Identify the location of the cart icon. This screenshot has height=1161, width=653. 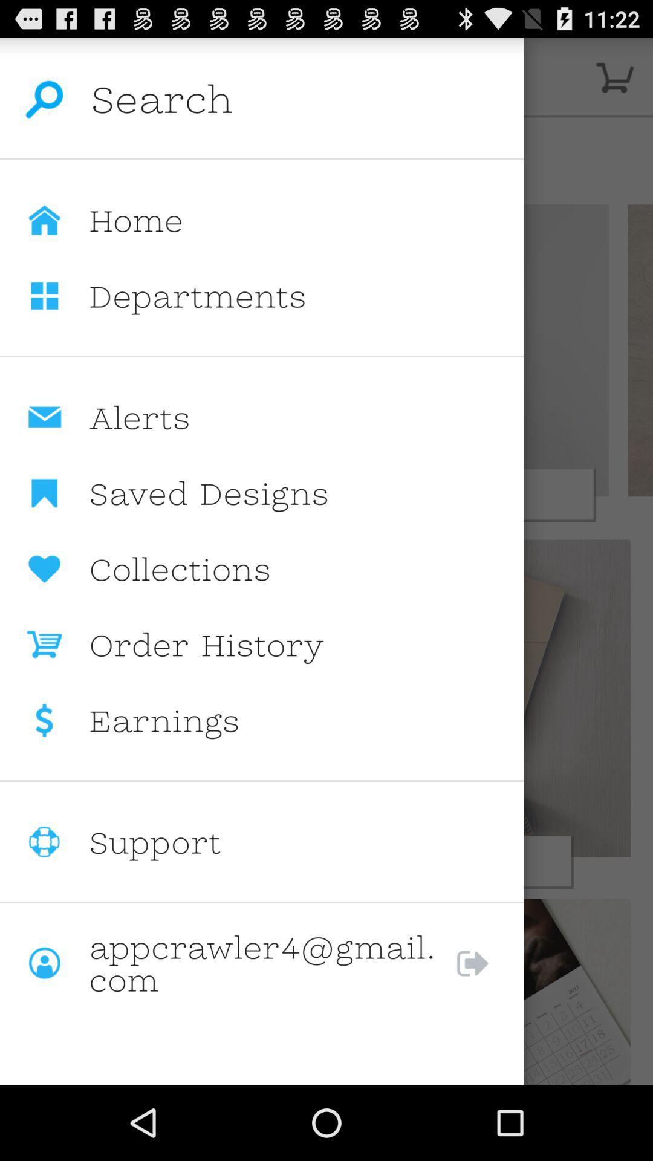
(615, 82).